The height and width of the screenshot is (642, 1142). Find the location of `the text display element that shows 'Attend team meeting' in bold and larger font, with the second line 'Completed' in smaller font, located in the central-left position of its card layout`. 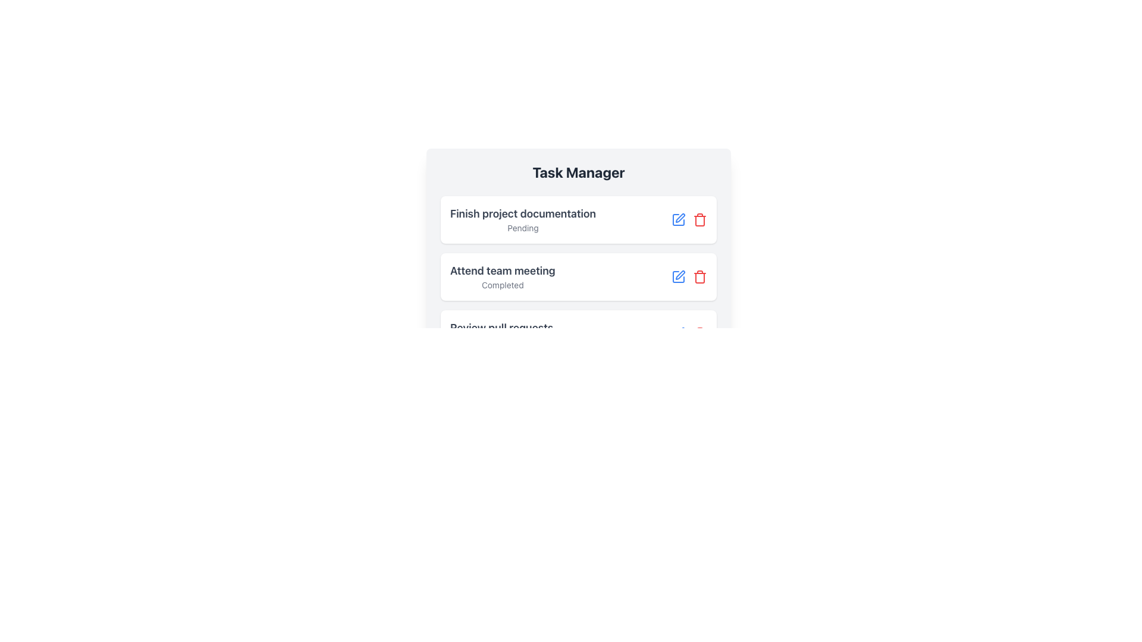

the text display element that shows 'Attend team meeting' in bold and larger font, with the second line 'Completed' in smaller font, located in the central-left position of its card layout is located at coordinates (503, 277).